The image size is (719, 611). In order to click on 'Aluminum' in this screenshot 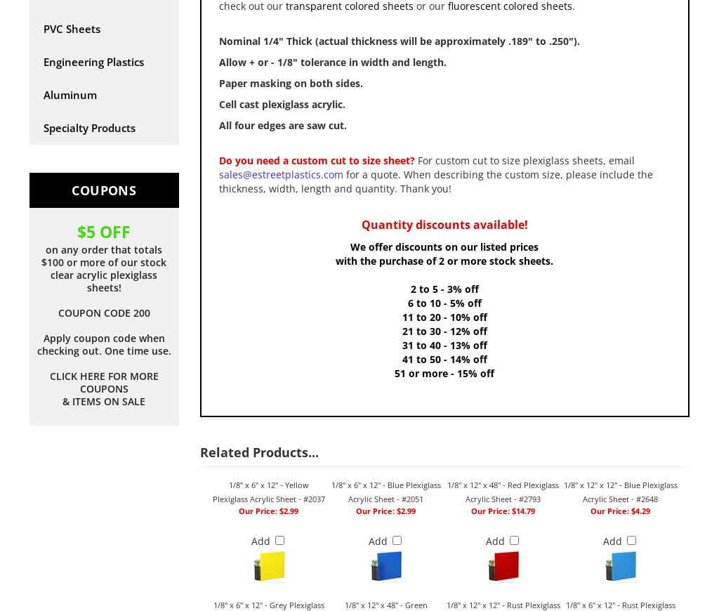, I will do `click(70, 94)`.